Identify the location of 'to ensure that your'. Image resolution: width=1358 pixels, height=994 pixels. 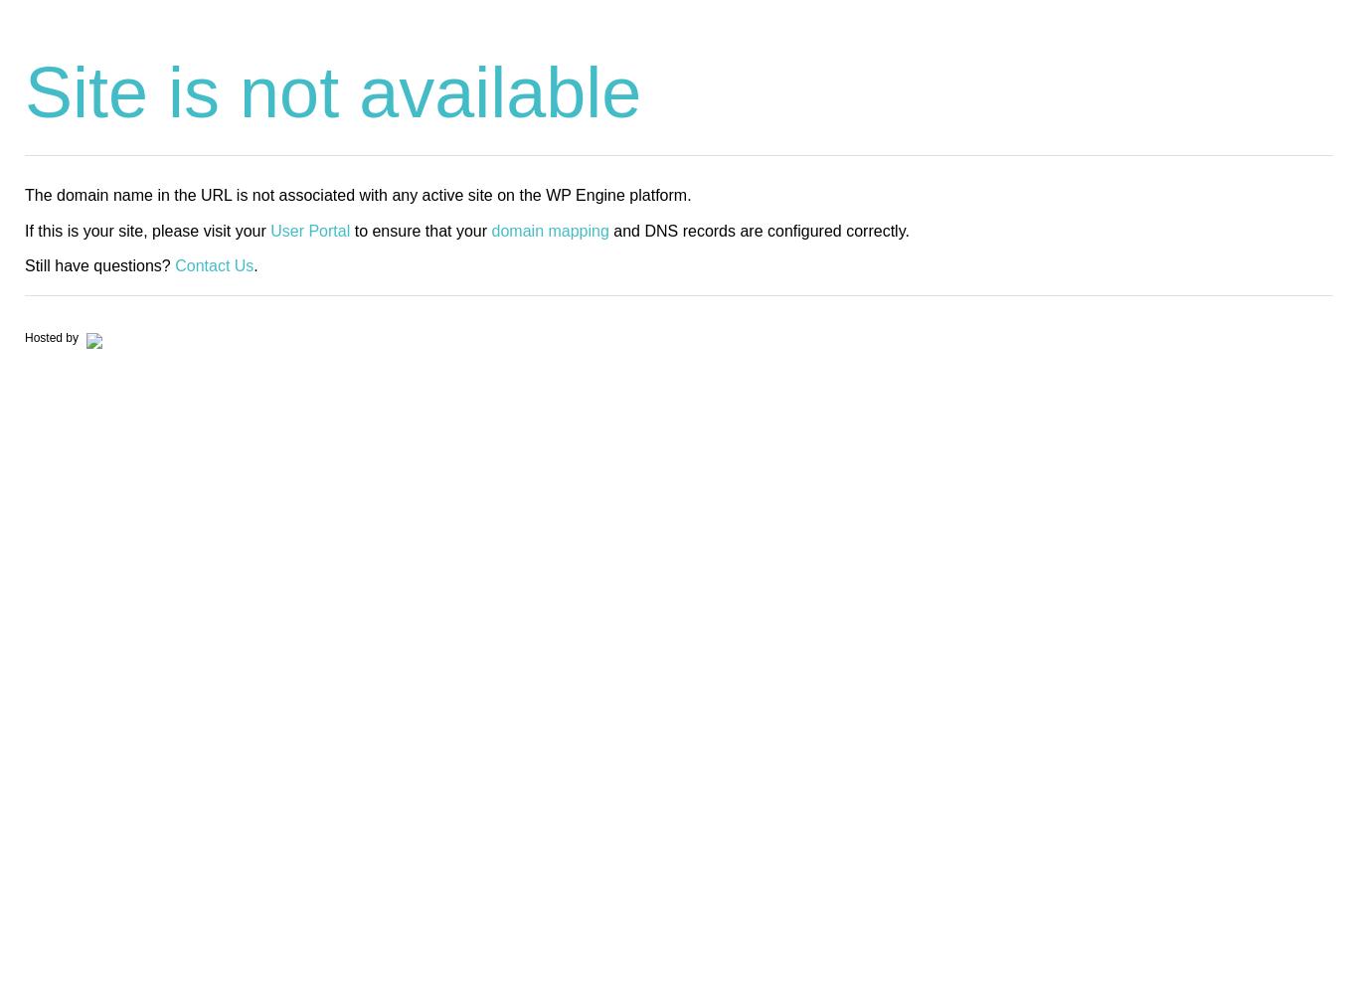
(420, 229).